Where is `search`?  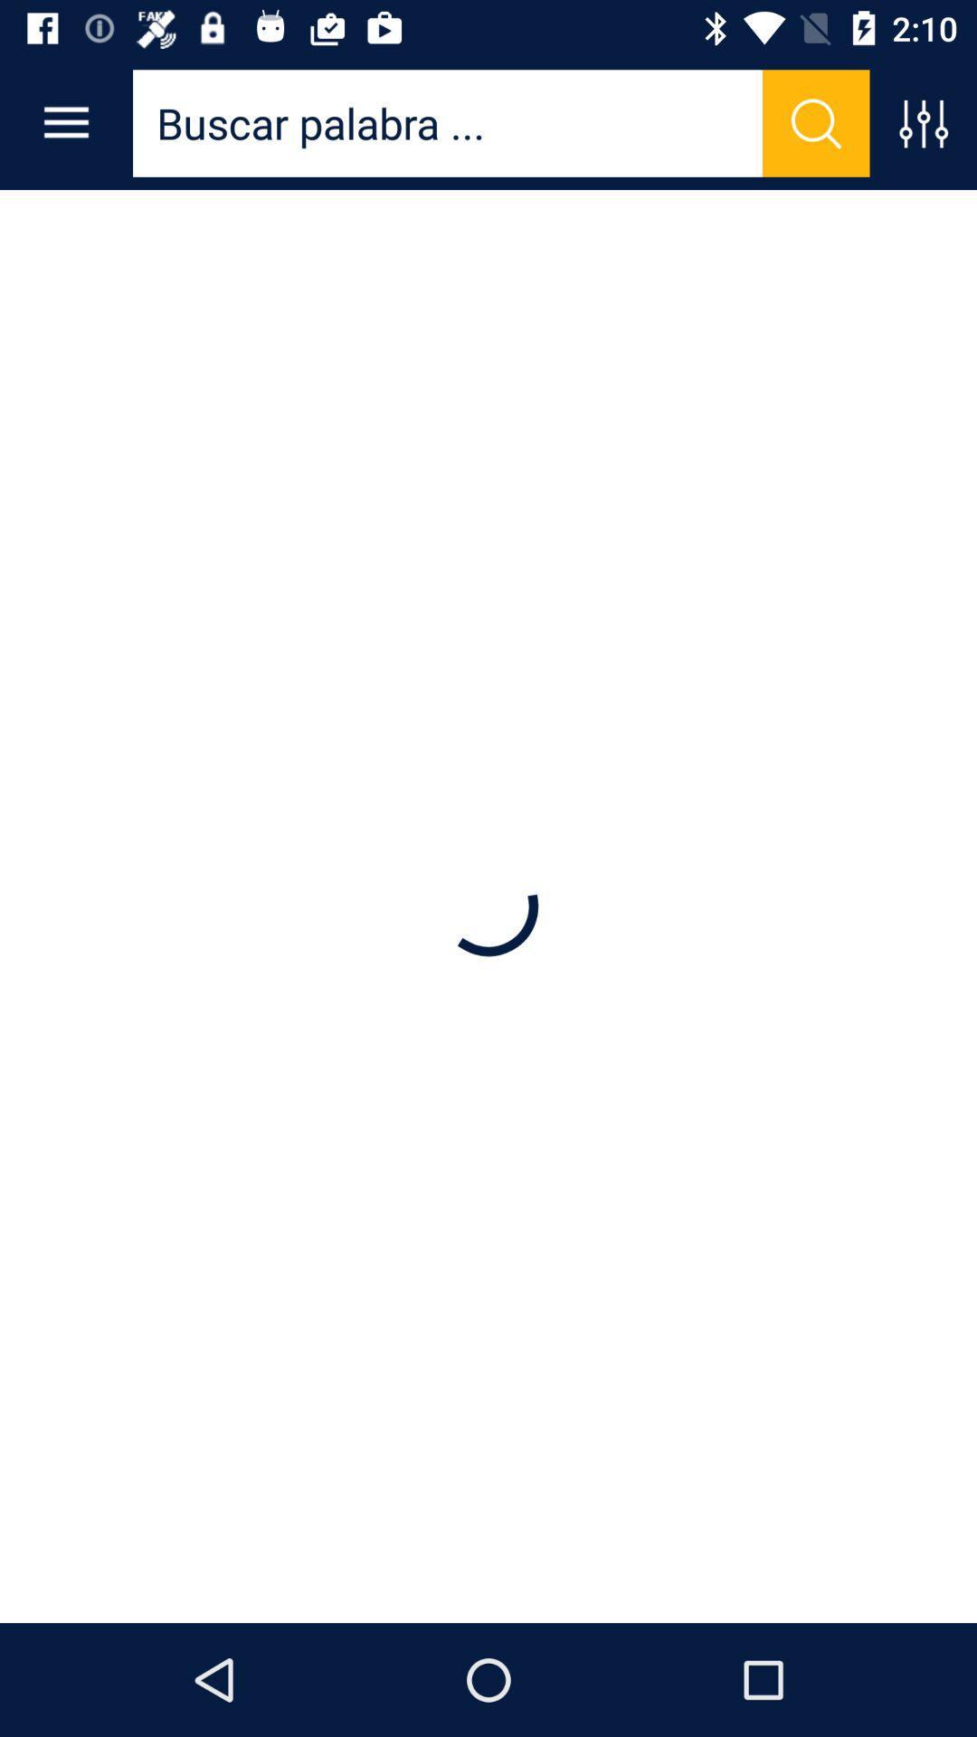
search is located at coordinates (816, 122).